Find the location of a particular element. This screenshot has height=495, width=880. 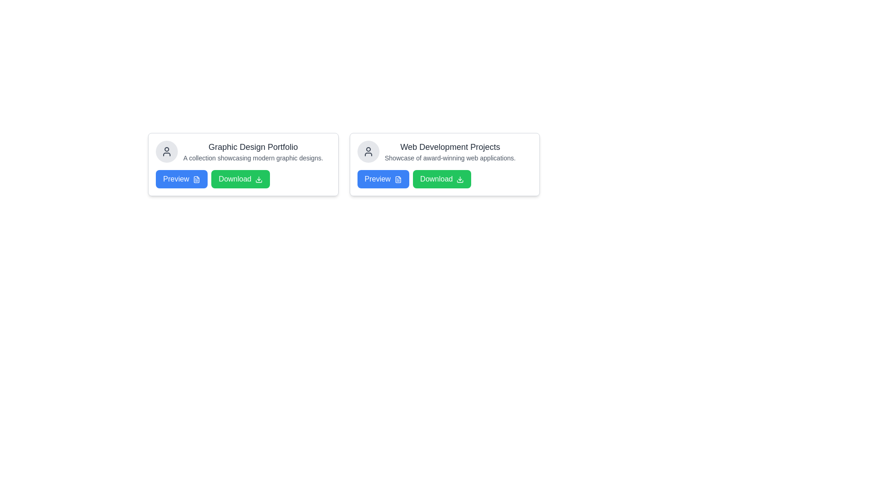

the leftmost button in the first card under the 'Graphic Design Portfolio' section to preview its content is located at coordinates (181, 179).